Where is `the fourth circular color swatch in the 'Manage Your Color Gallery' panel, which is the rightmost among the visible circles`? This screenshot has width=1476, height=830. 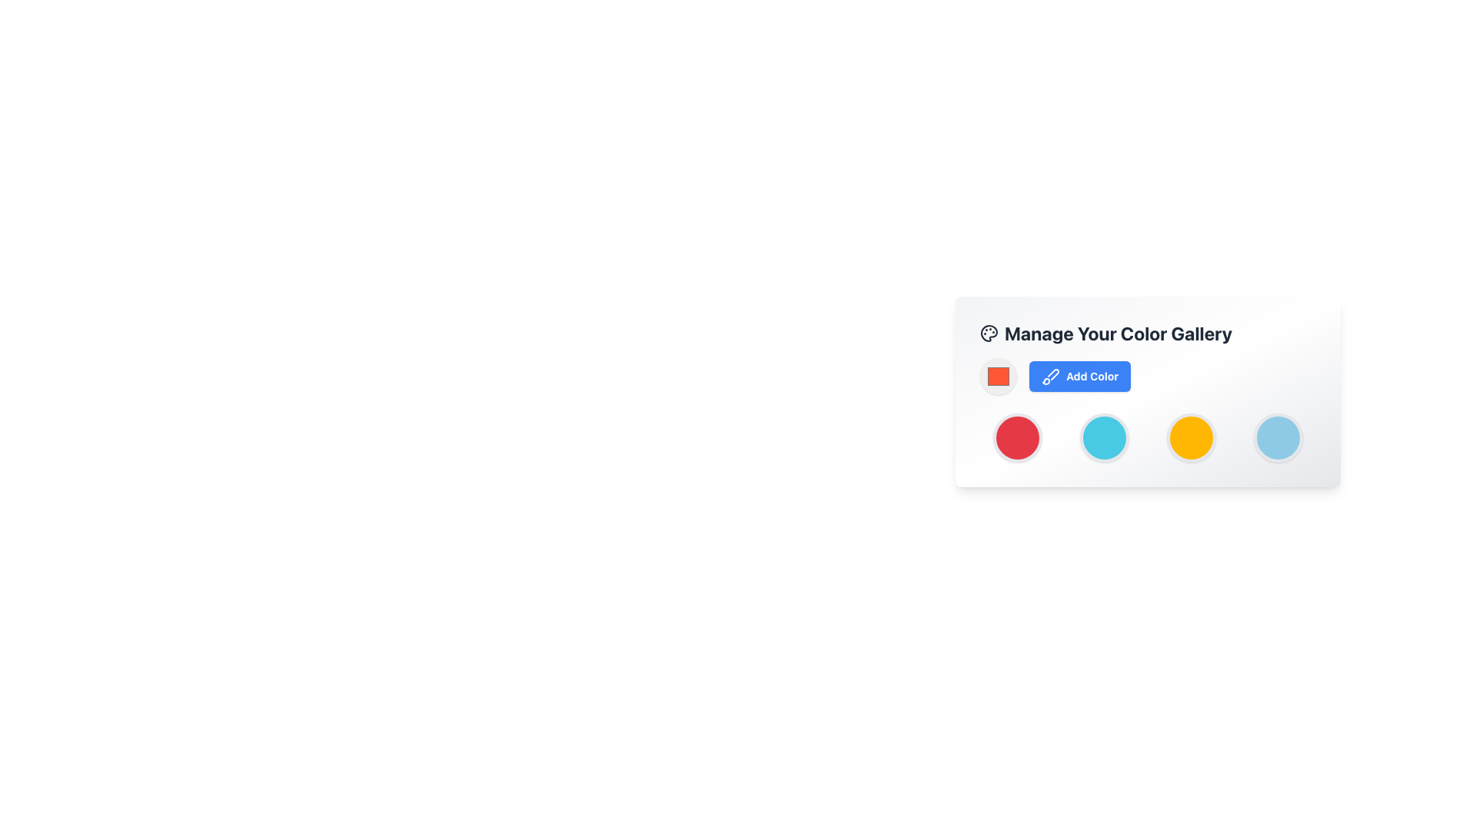
the fourth circular color swatch in the 'Manage Your Color Gallery' panel, which is the rightmost among the visible circles is located at coordinates (1191, 438).